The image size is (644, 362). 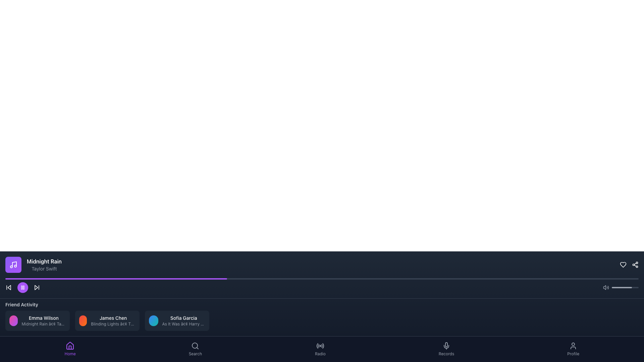 I want to click on the volume slider, so click(x=637, y=287).